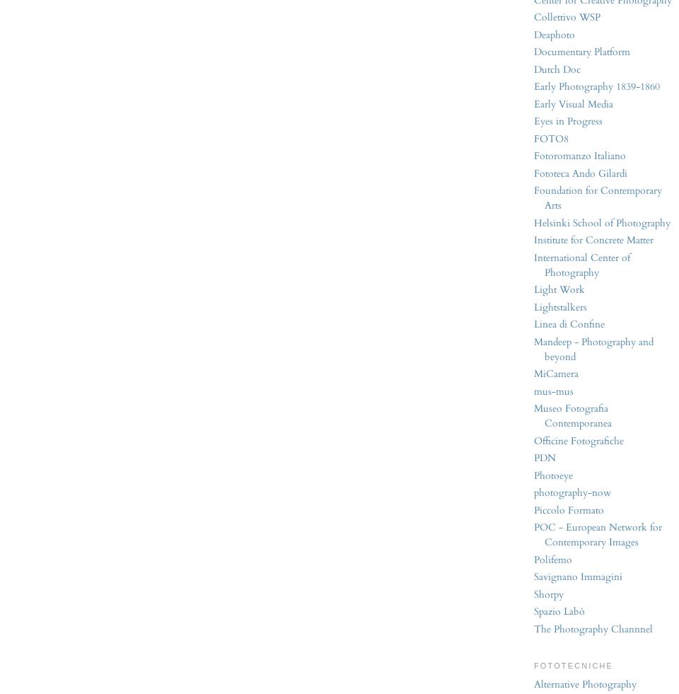  Describe the element at coordinates (597, 197) in the screenshot. I see `'Foundation for Contemporary Arts'` at that location.